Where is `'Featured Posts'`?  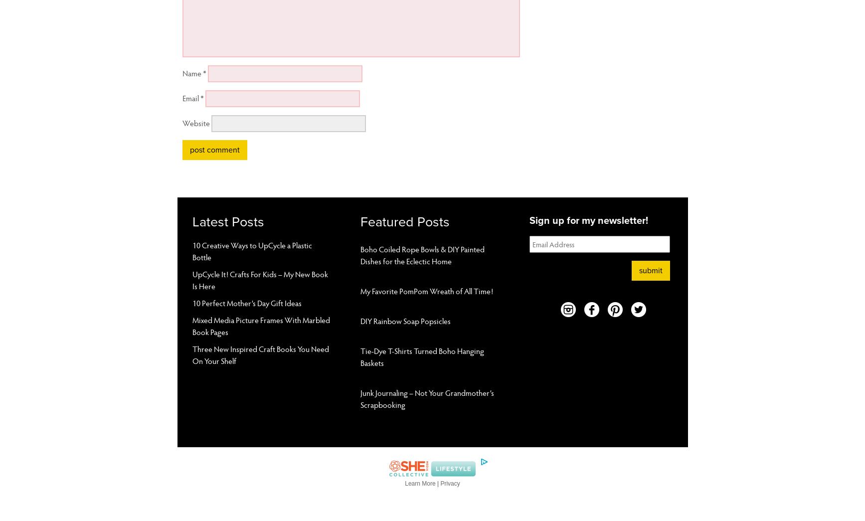 'Featured Posts' is located at coordinates (405, 222).